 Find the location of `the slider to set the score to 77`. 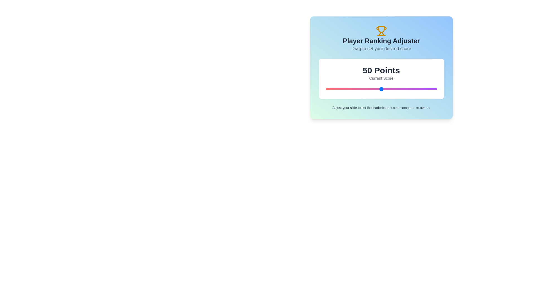

the slider to set the score to 77 is located at coordinates (411, 89).